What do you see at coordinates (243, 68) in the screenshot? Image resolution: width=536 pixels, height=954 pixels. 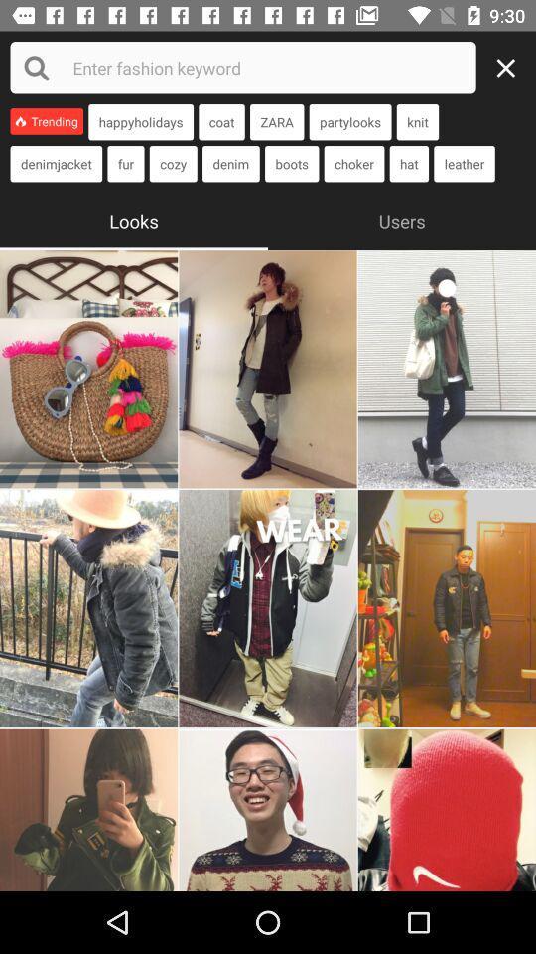 I see `fashion keyword` at bounding box center [243, 68].